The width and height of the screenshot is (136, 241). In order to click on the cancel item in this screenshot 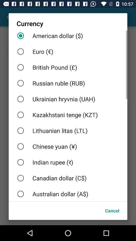, I will do `click(112, 211)`.